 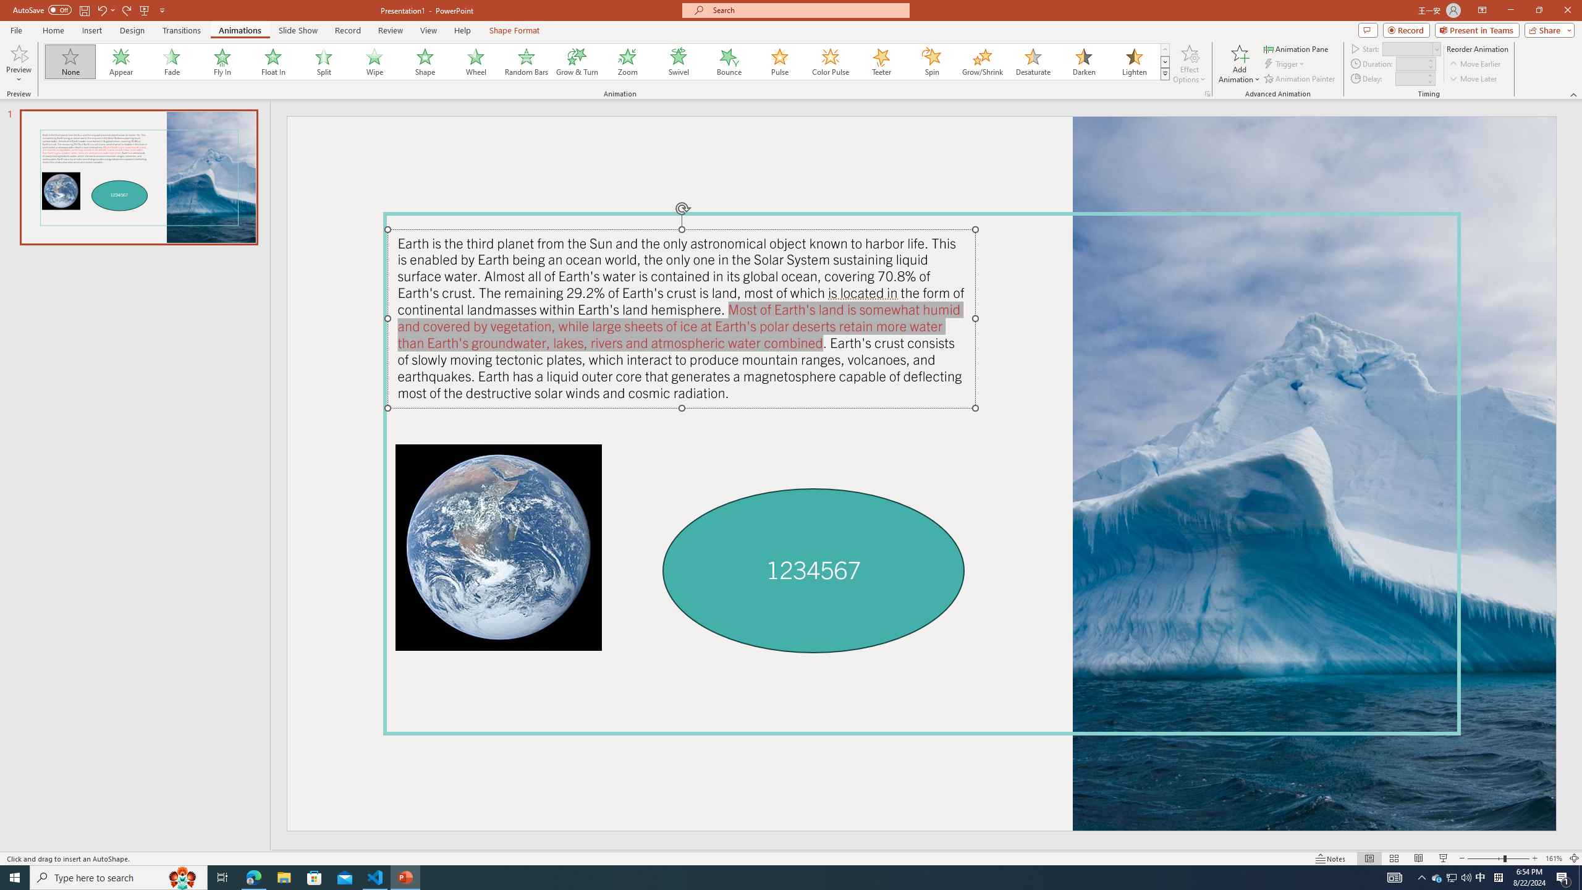 I want to click on 'Grow/Shrink', so click(x=982, y=61).